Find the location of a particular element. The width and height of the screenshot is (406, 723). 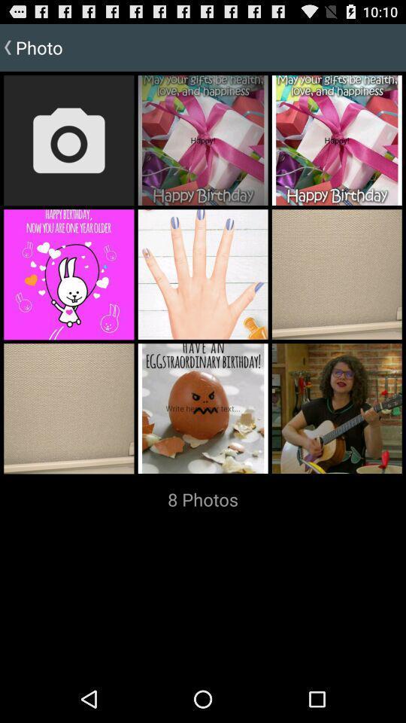

the 8 photos item is located at coordinates (203, 499).